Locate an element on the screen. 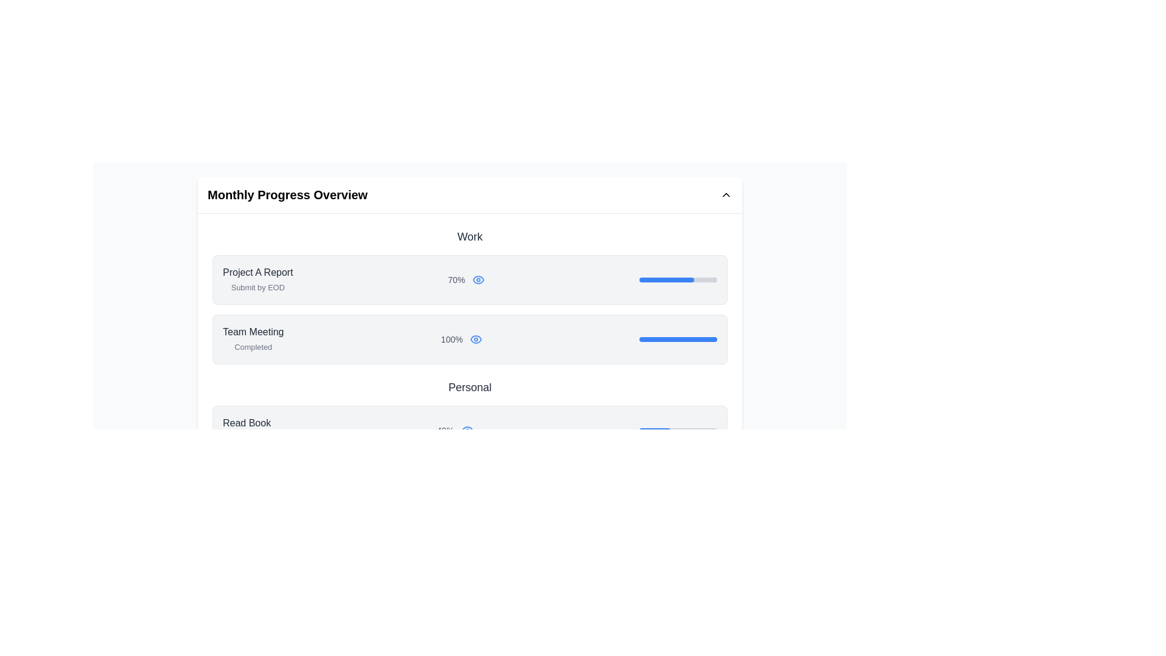 The width and height of the screenshot is (1166, 656). the horizontal progress bar with rounded corners, located within the 'Team Meeting' card, beneath the 'Completed' text and to the right of the '100%' indicator is located at coordinates (678, 340).